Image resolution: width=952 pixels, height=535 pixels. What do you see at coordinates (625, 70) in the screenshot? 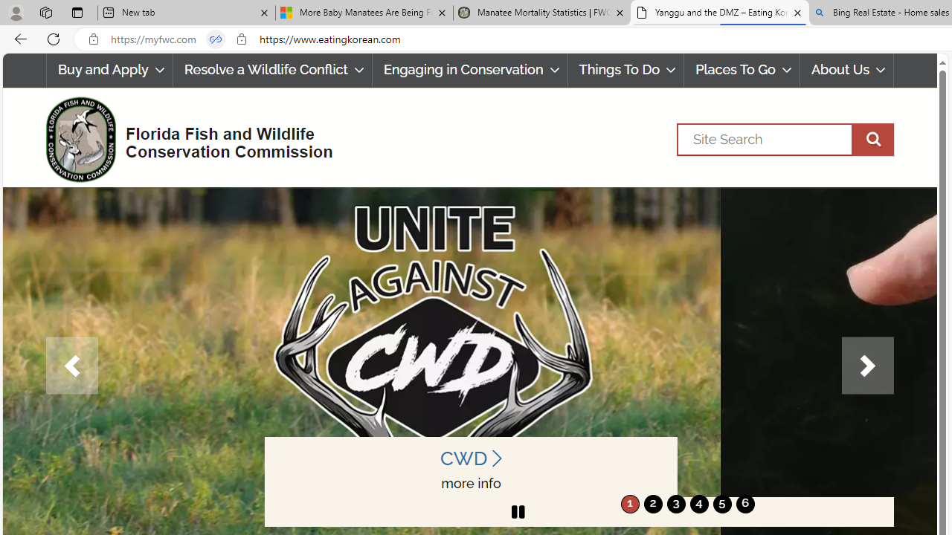
I see `'Things To Do'` at bounding box center [625, 70].